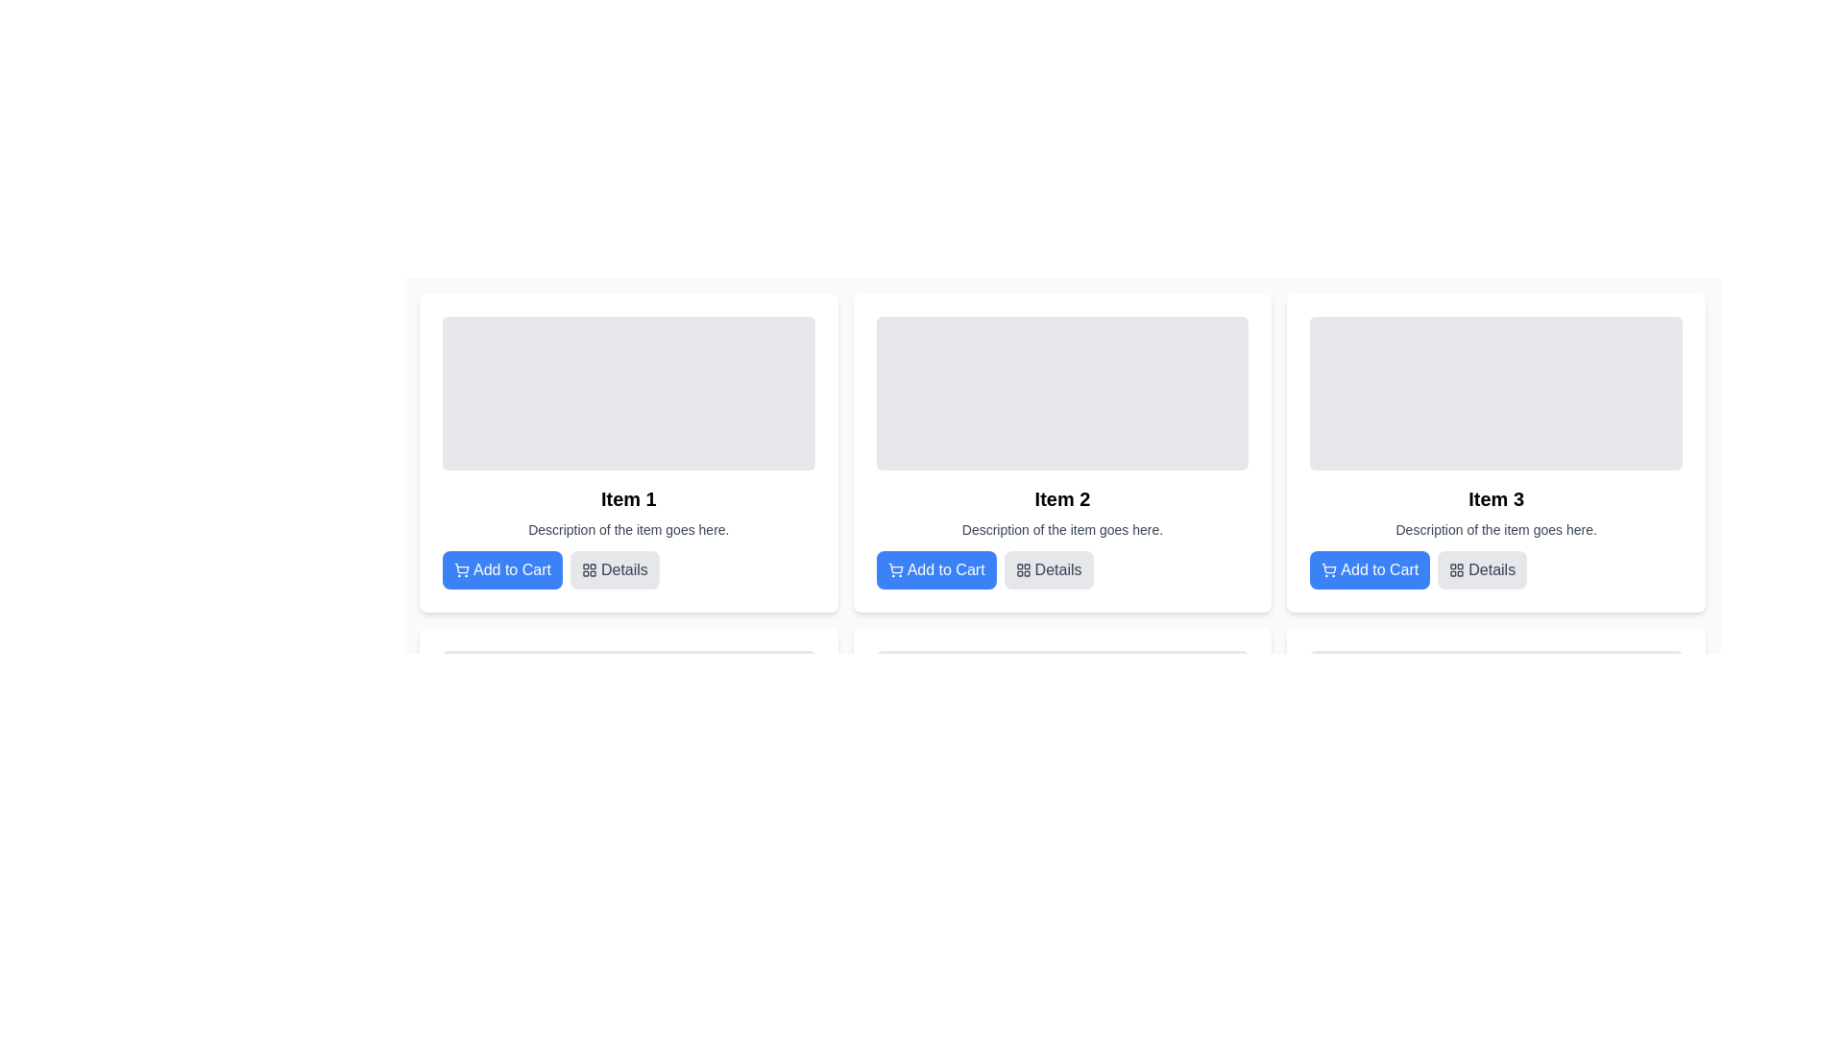  I want to click on the Text Label that serves as a title or identifier for its associated content card, located centrally aligned within the third card in a row of similar cards, so click(1495, 498).